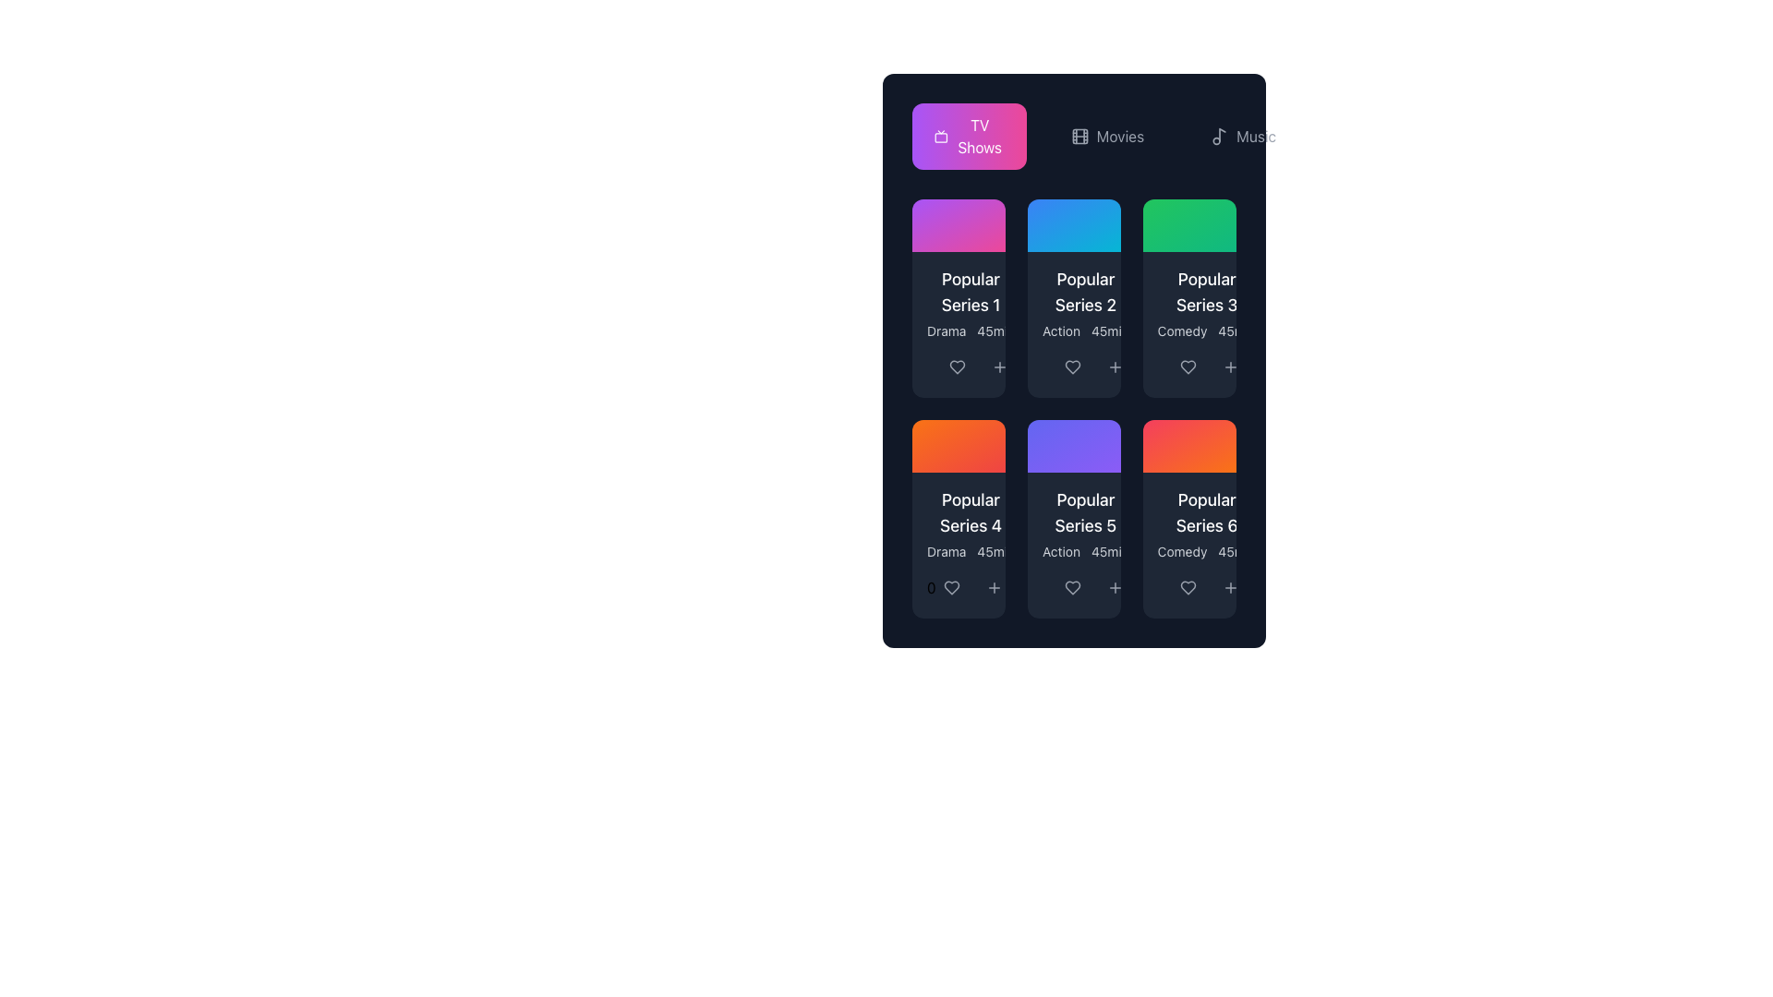 This screenshot has width=1773, height=997. What do you see at coordinates (1182, 550) in the screenshot?
I see `the static text label indicating the genre 'Comedy' within the 'Popular Series 6' card, positioned at the bottom-left corner of the text block` at bounding box center [1182, 550].